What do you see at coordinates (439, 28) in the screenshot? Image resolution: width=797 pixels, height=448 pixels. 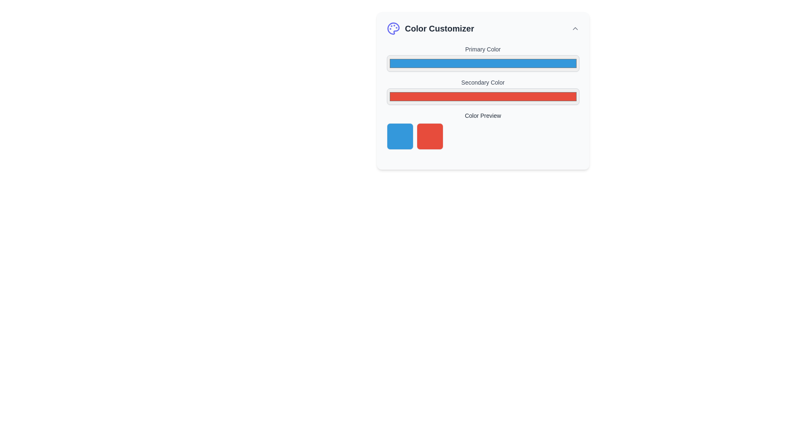 I see `the Text label indicating the section for customizing colors, located to the right of the palette icon in the top-left corner of the panel` at bounding box center [439, 28].